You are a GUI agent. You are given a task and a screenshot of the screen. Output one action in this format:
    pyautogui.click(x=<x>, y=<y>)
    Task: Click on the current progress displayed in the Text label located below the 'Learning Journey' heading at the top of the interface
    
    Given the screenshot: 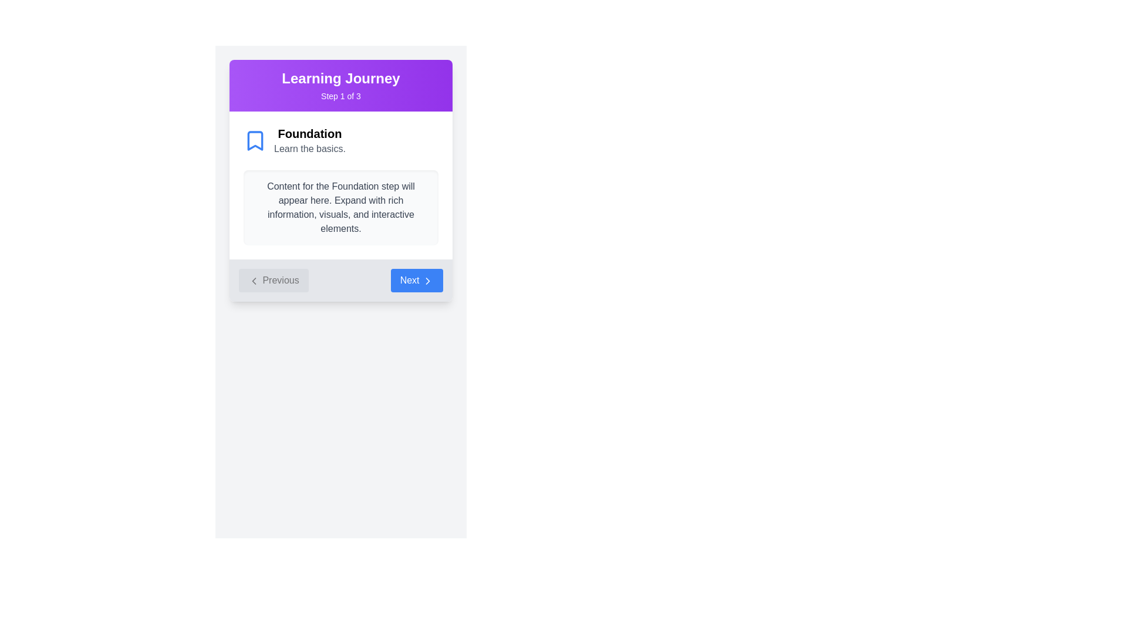 What is the action you would take?
    pyautogui.click(x=340, y=96)
    